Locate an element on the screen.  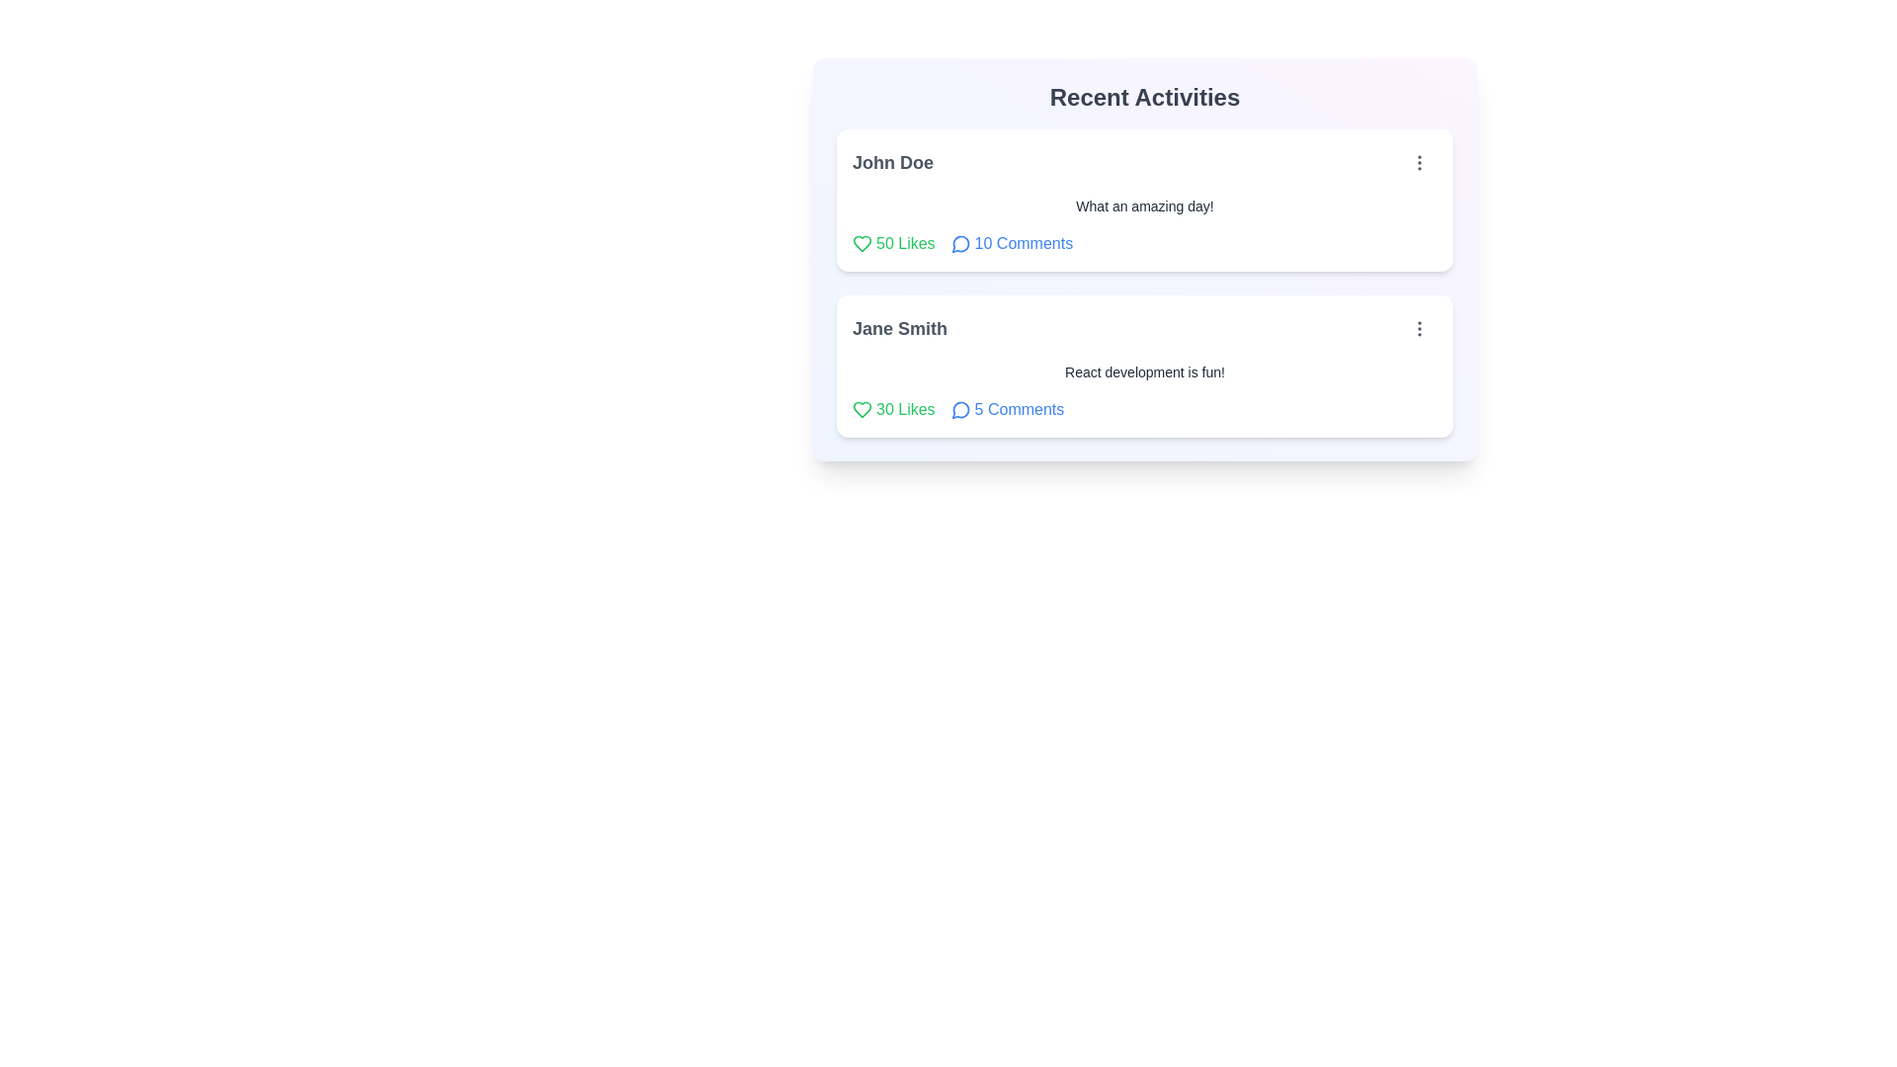
the 'Comments' button for the post by Jane Smith is located at coordinates (1007, 409).